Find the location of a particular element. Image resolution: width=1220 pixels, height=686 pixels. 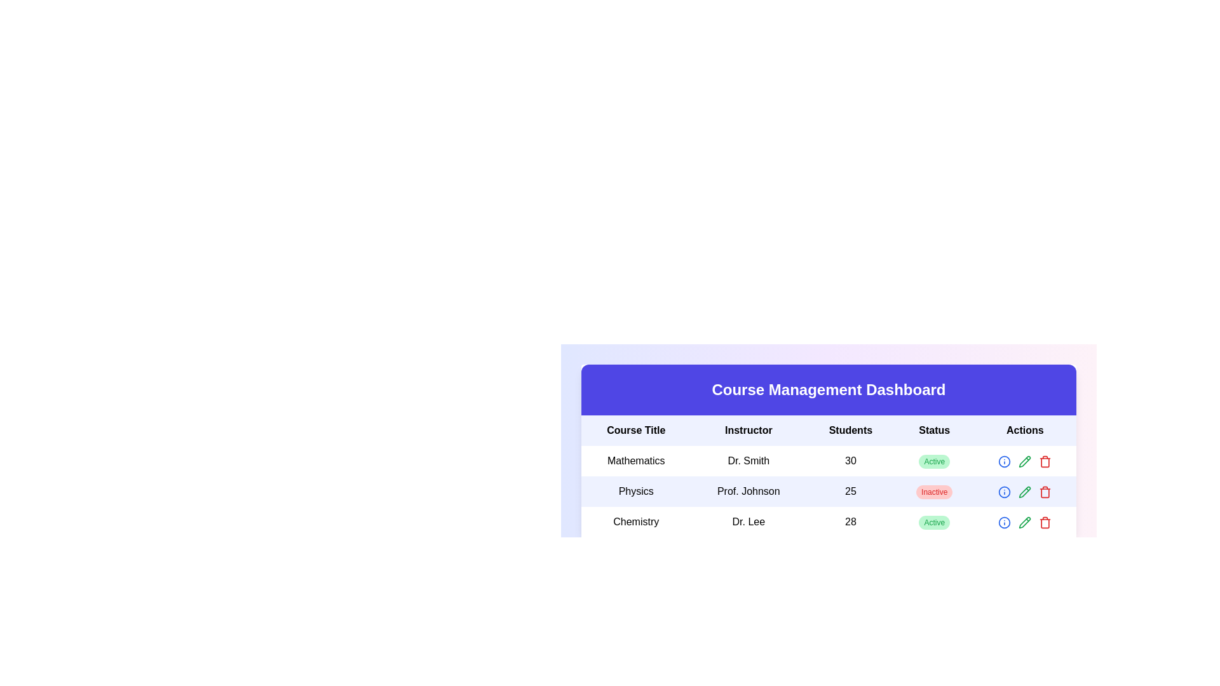

the text label displaying 'Chemistry' located in the third row of the 'Course Title' column within a table layout is located at coordinates (636, 521).